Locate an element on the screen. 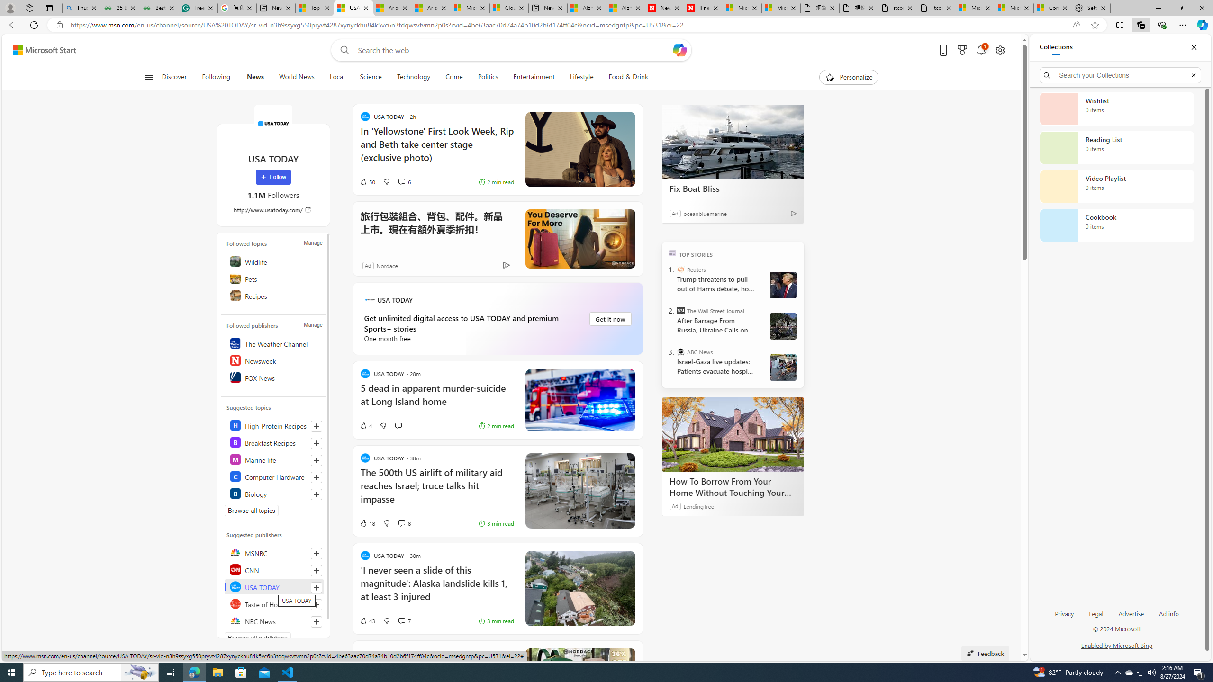  'http://www.usatoday.com/' is located at coordinates (273, 209).